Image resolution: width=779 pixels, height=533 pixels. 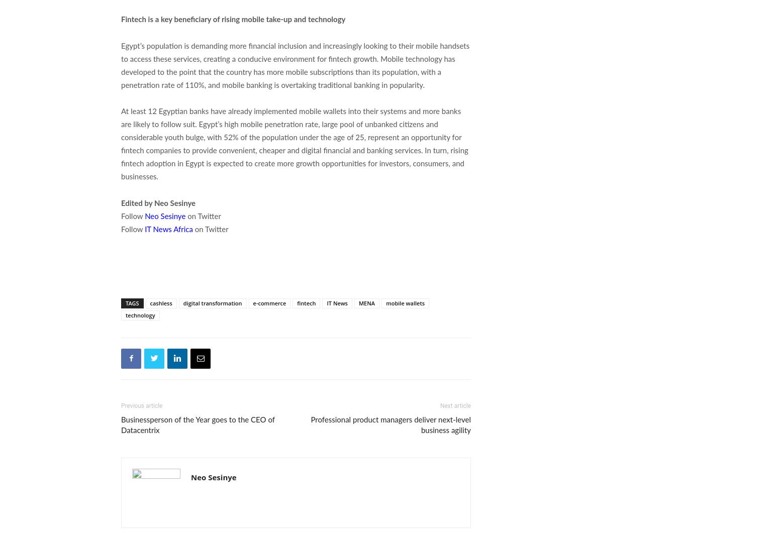 What do you see at coordinates (140, 314) in the screenshot?
I see `'technology'` at bounding box center [140, 314].